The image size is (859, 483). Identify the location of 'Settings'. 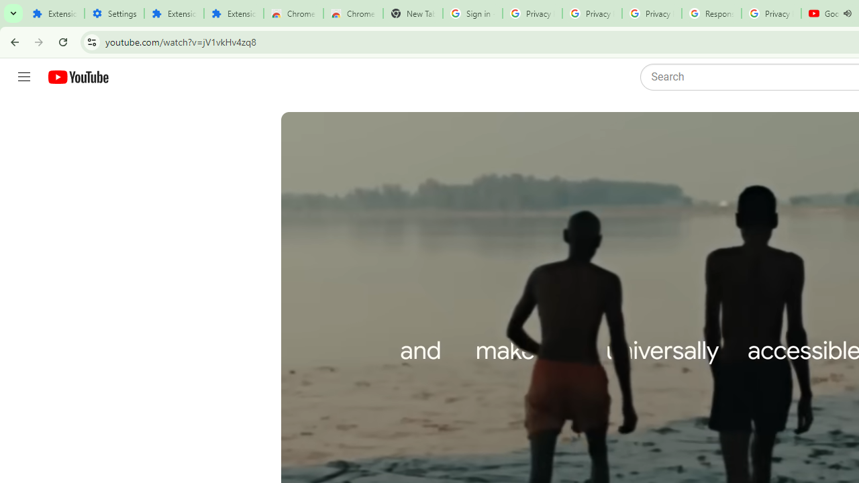
(114, 13).